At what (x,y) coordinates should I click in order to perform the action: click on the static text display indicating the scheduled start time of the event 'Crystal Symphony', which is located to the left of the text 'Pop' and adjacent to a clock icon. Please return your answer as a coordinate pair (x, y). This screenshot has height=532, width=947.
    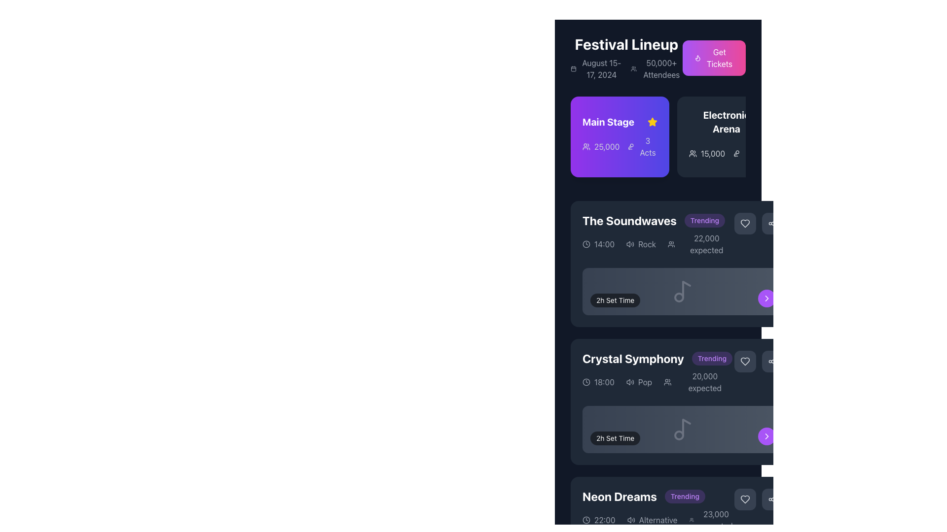
    Looking at the image, I should click on (604, 381).